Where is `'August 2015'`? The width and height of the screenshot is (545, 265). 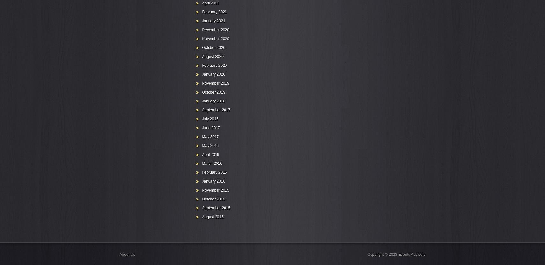 'August 2015' is located at coordinates (212, 216).